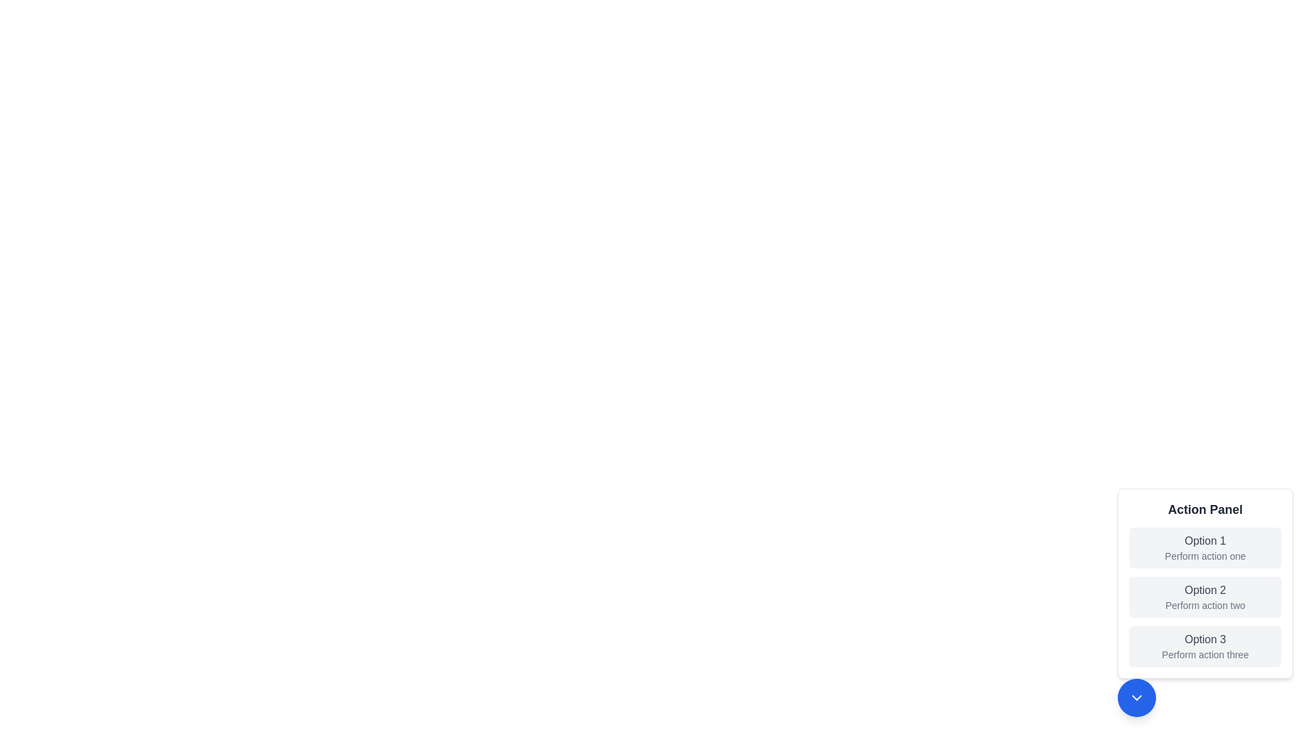  What do you see at coordinates (1205, 547) in the screenshot?
I see `the topmost button in the 'Action Panel' group` at bounding box center [1205, 547].